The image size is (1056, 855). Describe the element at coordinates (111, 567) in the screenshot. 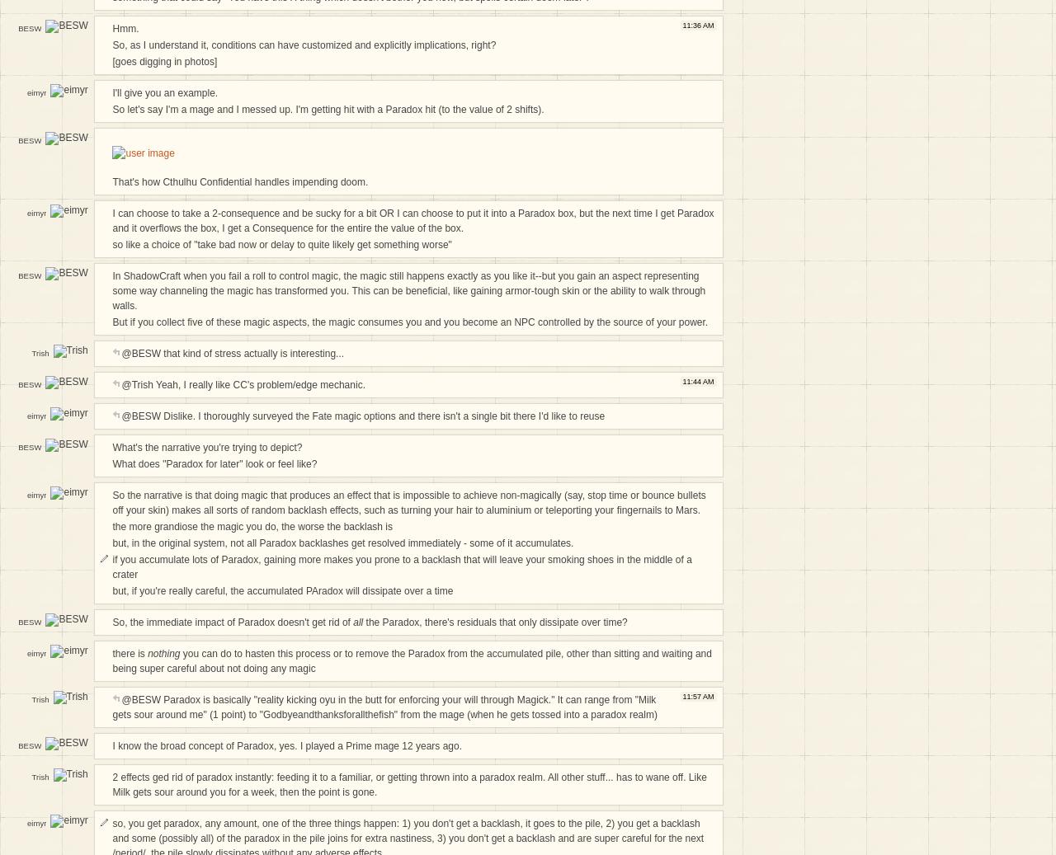

I see `'if you accumulate lots of Paradox, gaining more makes you prone to a backlash that will leave your smoking shoes in the middle of a crater'` at that location.